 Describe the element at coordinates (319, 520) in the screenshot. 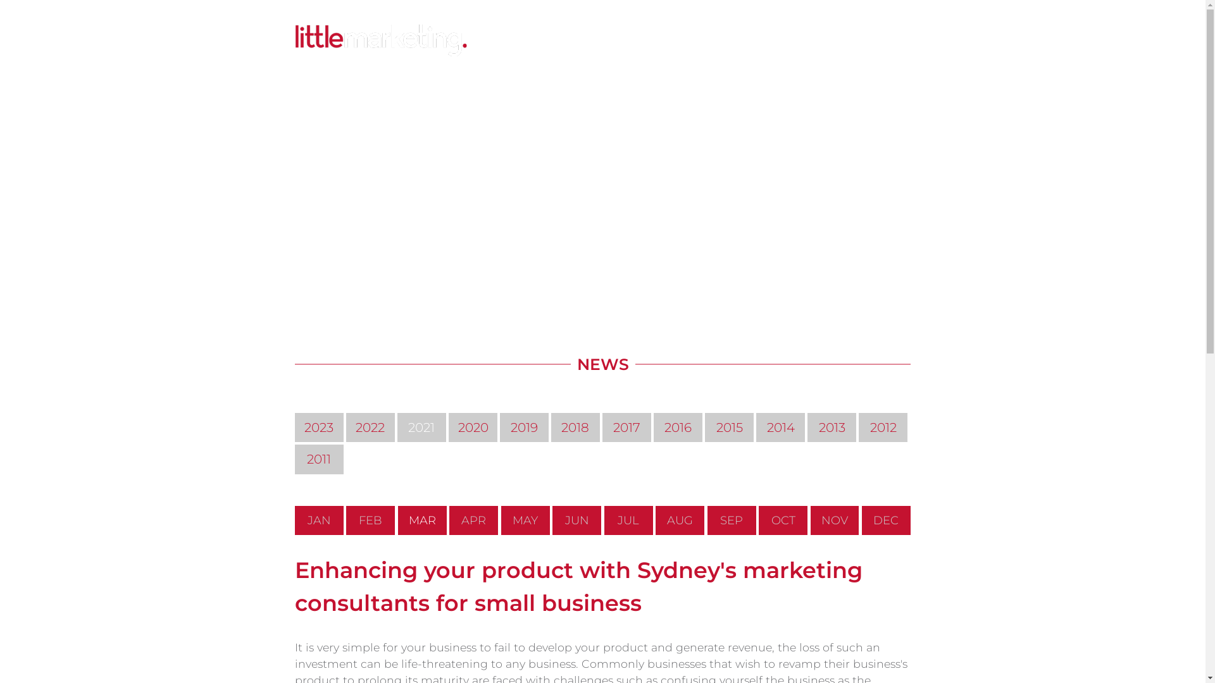

I see `'JAN'` at that location.